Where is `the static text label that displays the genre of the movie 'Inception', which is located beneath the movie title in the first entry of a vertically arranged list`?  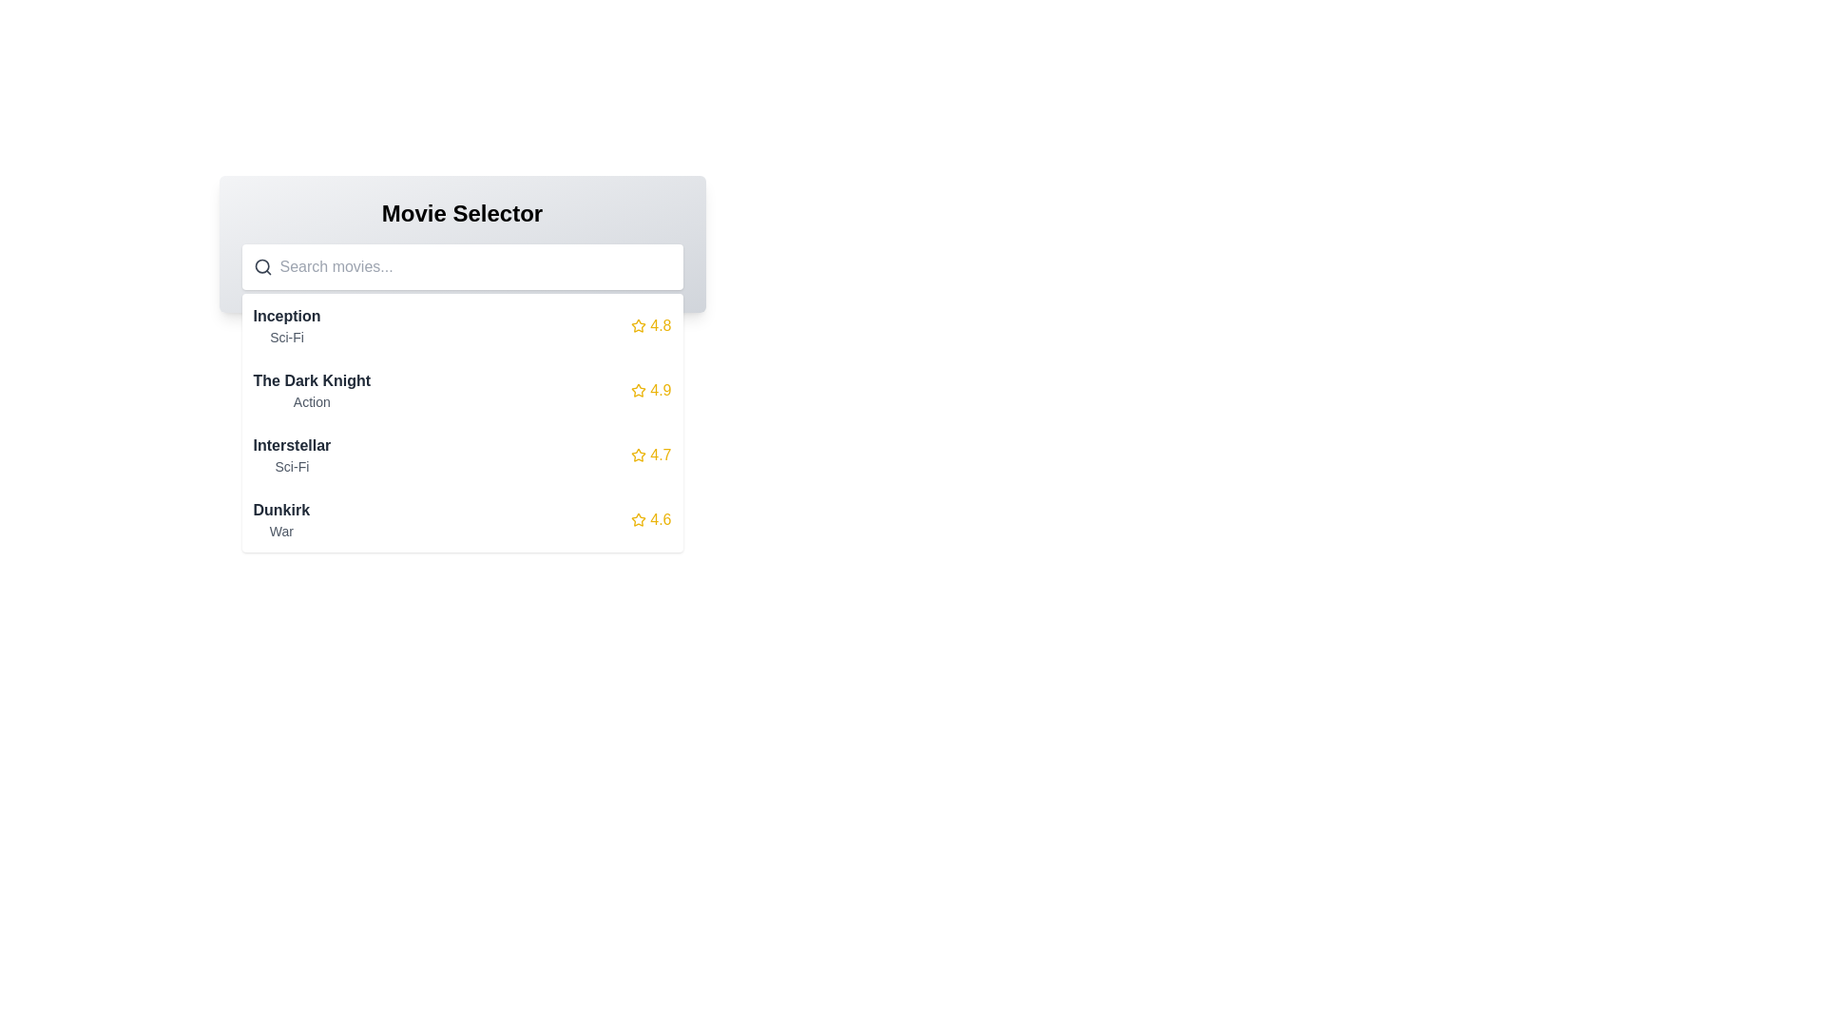
the static text label that displays the genre of the movie 'Inception', which is located beneath the movie title in the first entry of a vertically arranged list is located at coordinates (286, 336).